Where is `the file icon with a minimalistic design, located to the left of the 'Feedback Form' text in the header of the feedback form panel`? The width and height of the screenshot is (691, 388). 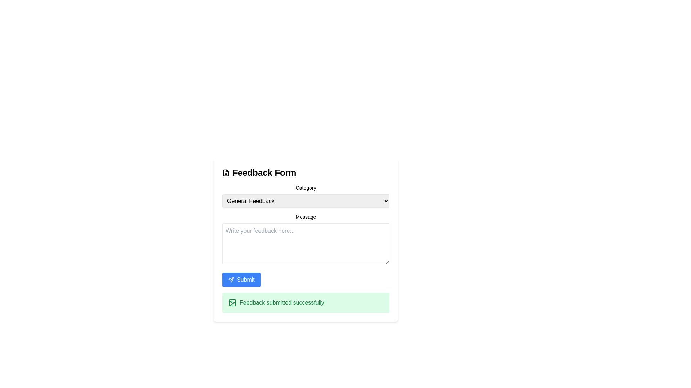 the file icon with a minimalistic design, located to the left of the 'Feedback Form' text in the header of the feedback form panel is located at coordinates (226, 173).